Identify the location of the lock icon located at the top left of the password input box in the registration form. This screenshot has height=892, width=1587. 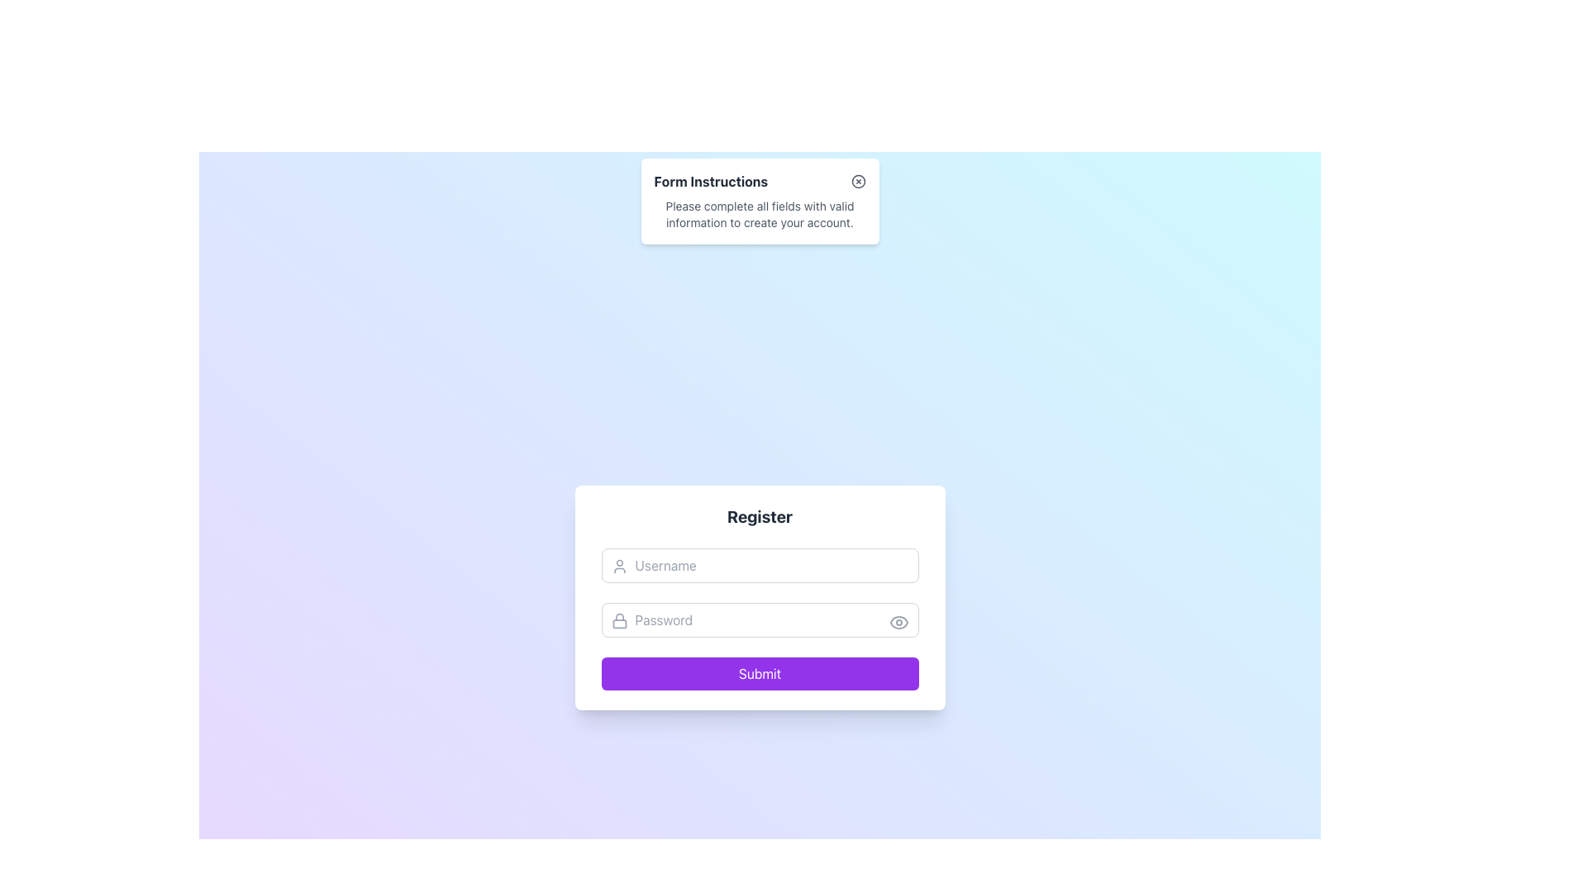
(618, 621).